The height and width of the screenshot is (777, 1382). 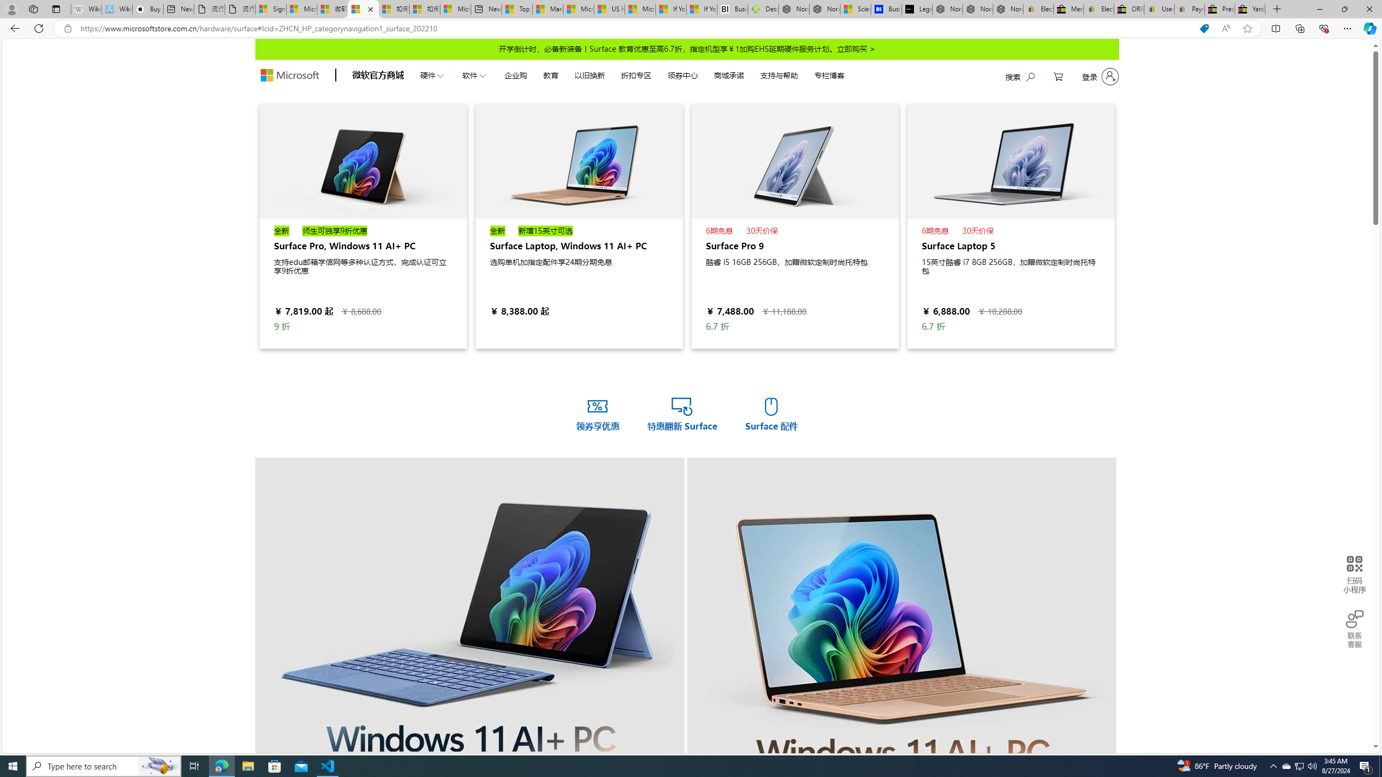 What do you see at coordinates (271, 9) in the screenshot?
I see `'Sign in to your Microsoft account'` at bounding box center [271, 9].